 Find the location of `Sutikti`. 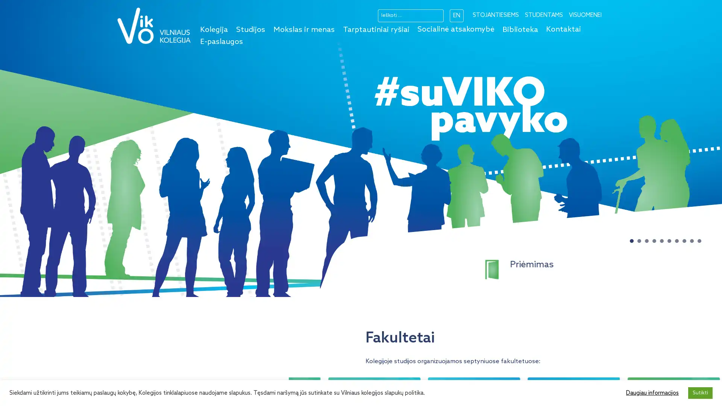

Sutikti is located at coordinates (700, 392).